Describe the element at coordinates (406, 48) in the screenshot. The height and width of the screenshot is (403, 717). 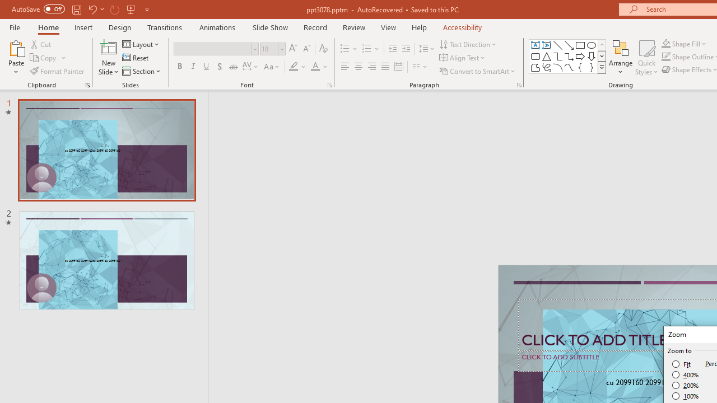
I see `'Increase Indent'` at that location.